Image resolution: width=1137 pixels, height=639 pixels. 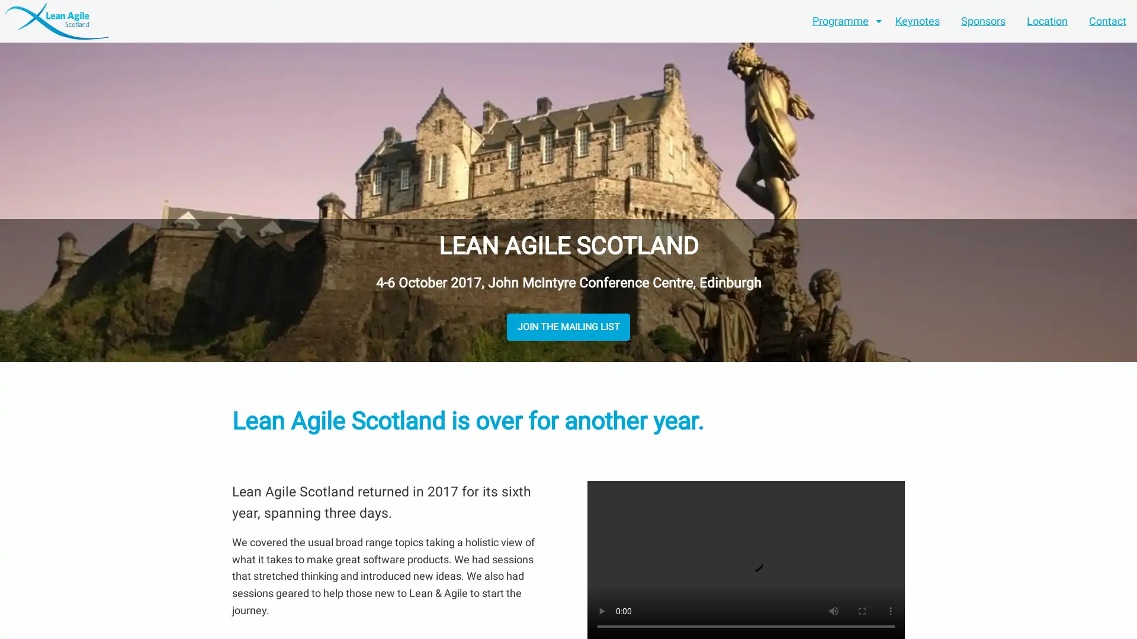 What do you see at coordinates (602, 611) in the screenshot?
I see `play` at bounding box center [602, 611].